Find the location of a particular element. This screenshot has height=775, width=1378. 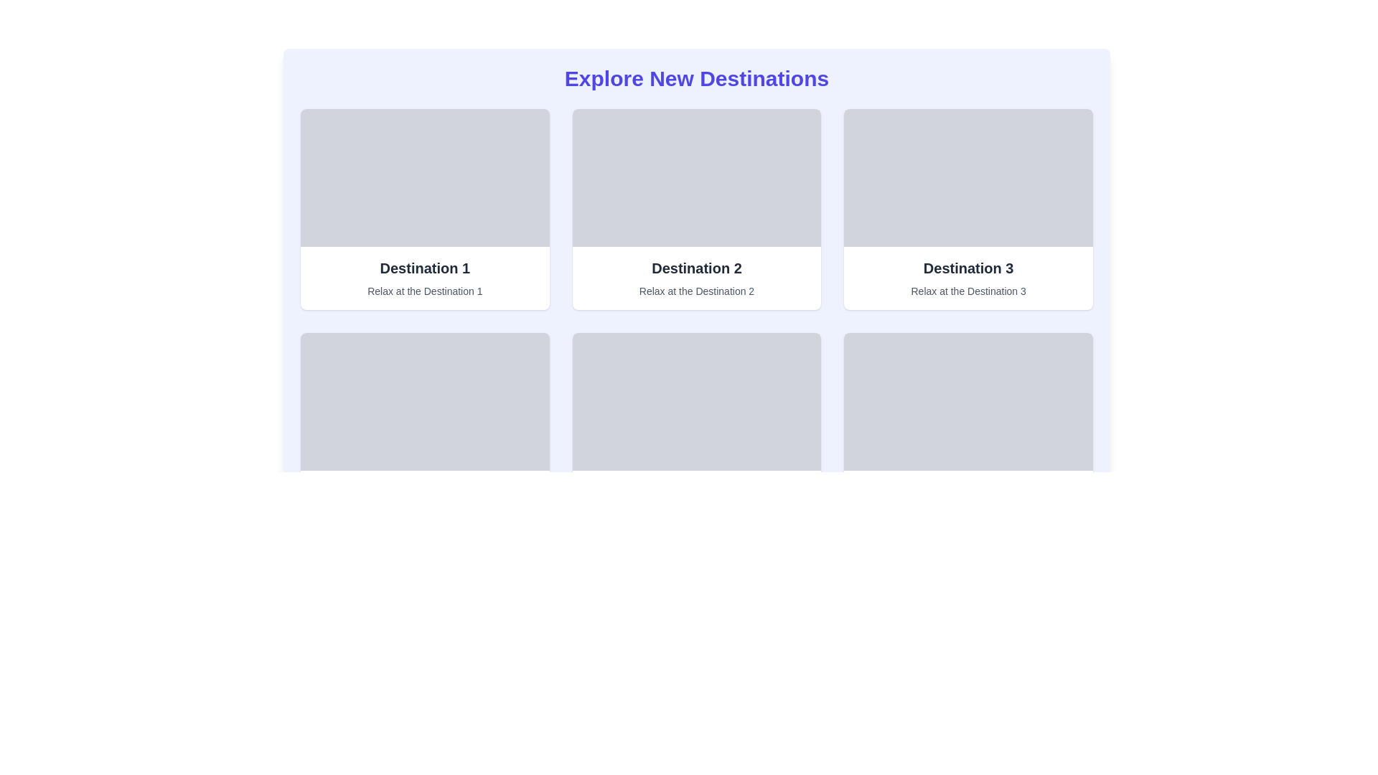

the Text label displaying 'Relax at the Destination 2', located below the headline 'Destination 2' in the second column of the layout is located at coordinates (696, 291).